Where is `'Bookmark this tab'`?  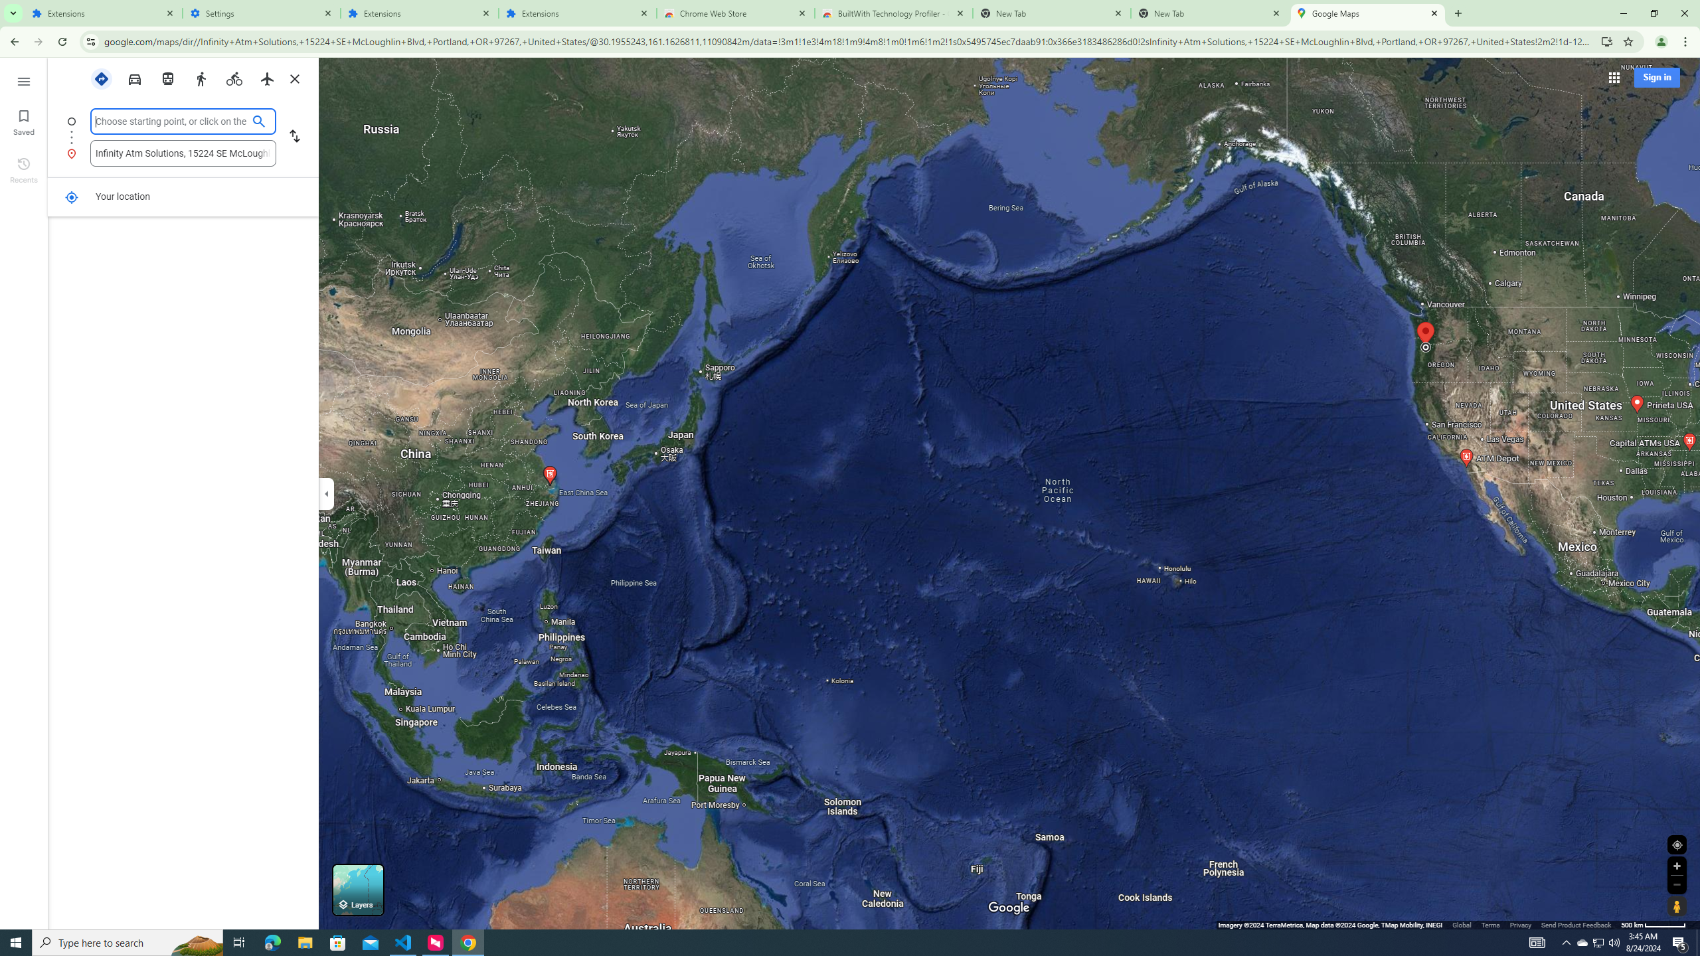 'Bookmark this tab' is located at coordinates (1627, 40).